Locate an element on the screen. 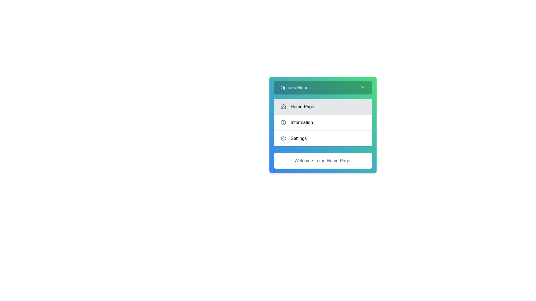  the decorative Circle SVG component located near the center of its larger icon structure is located at coordinates (283, 122).